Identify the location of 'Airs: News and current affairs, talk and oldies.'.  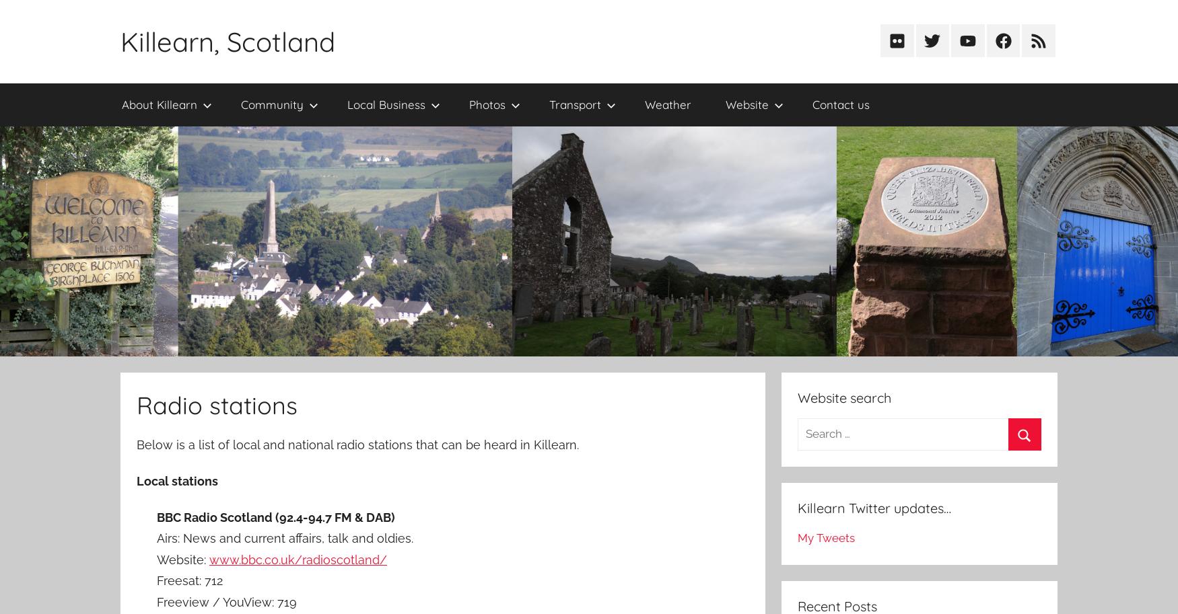
(284, 537).